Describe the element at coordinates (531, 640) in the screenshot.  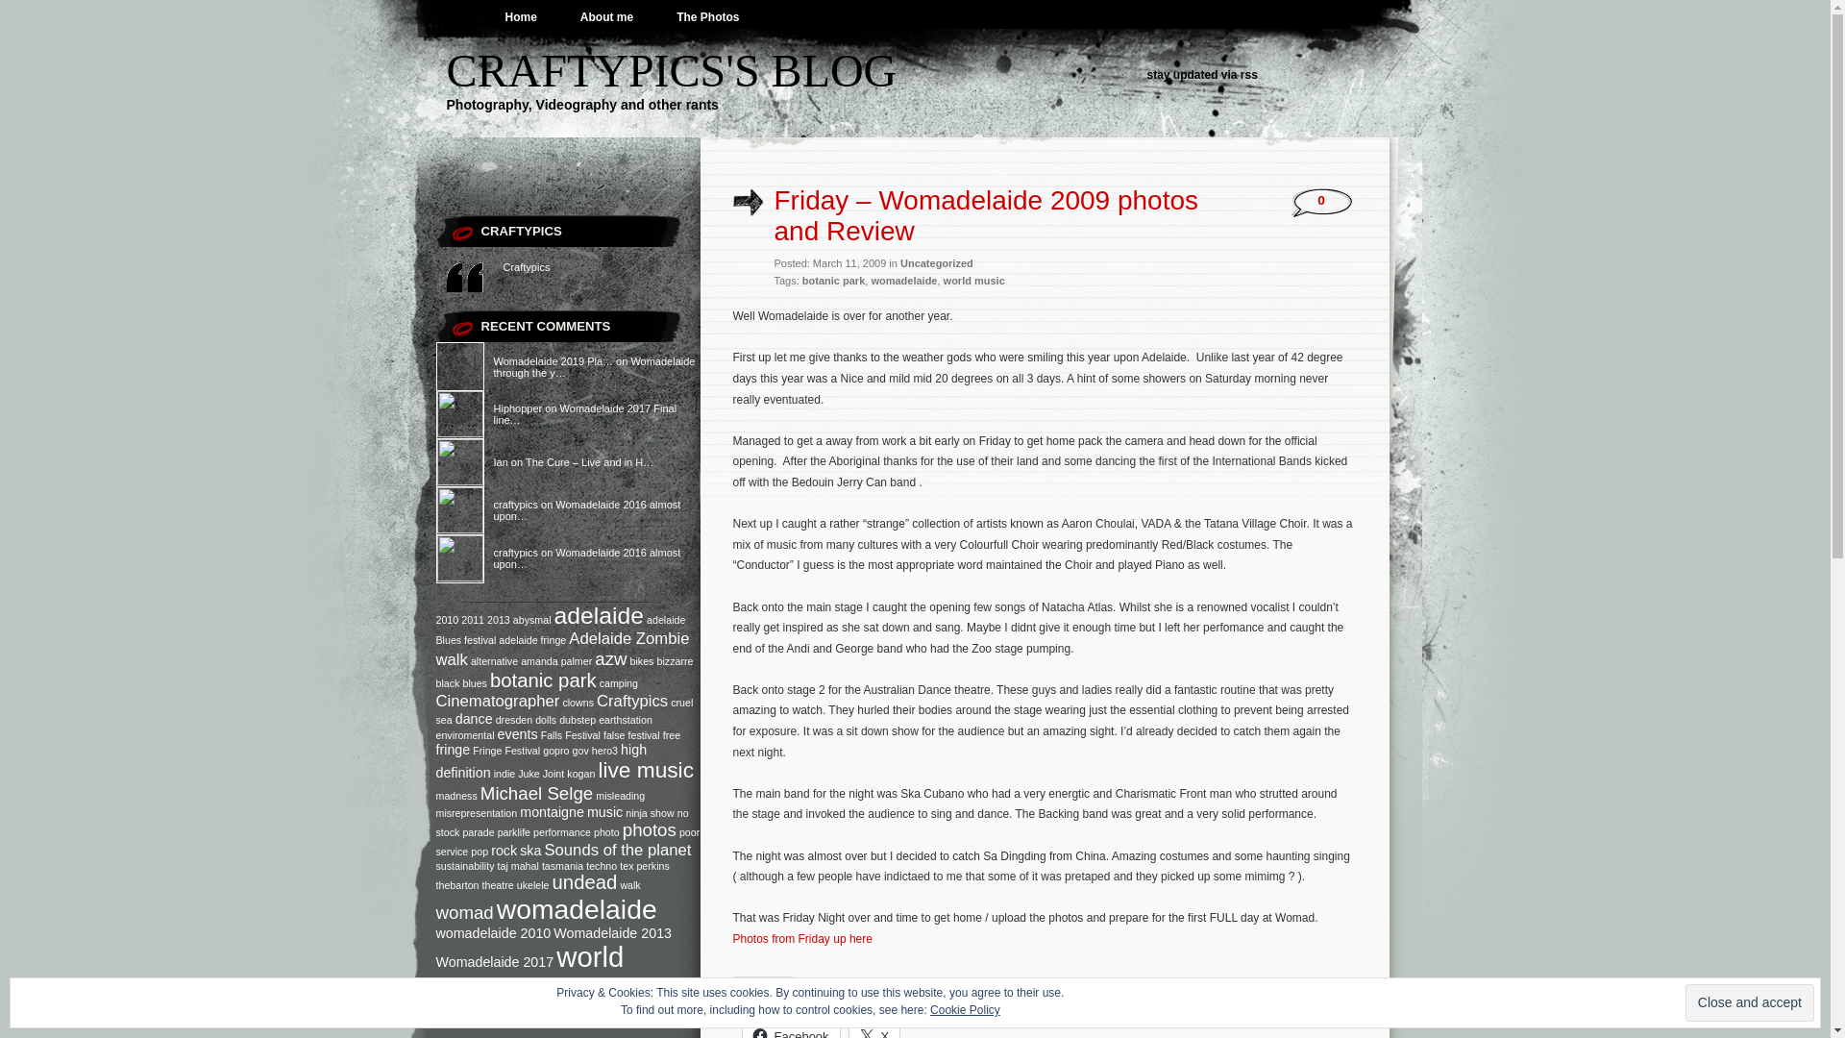
I see `'adelaide fringe'` at that location.